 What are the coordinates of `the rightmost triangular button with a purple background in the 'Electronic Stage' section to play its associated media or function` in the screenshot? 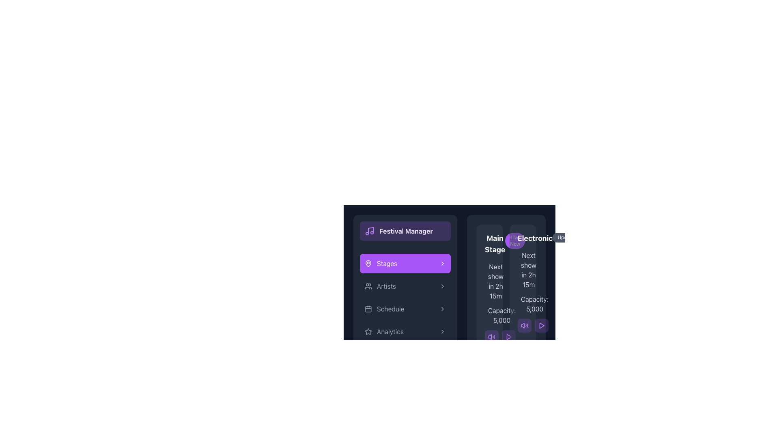 It's located at (542, 325).